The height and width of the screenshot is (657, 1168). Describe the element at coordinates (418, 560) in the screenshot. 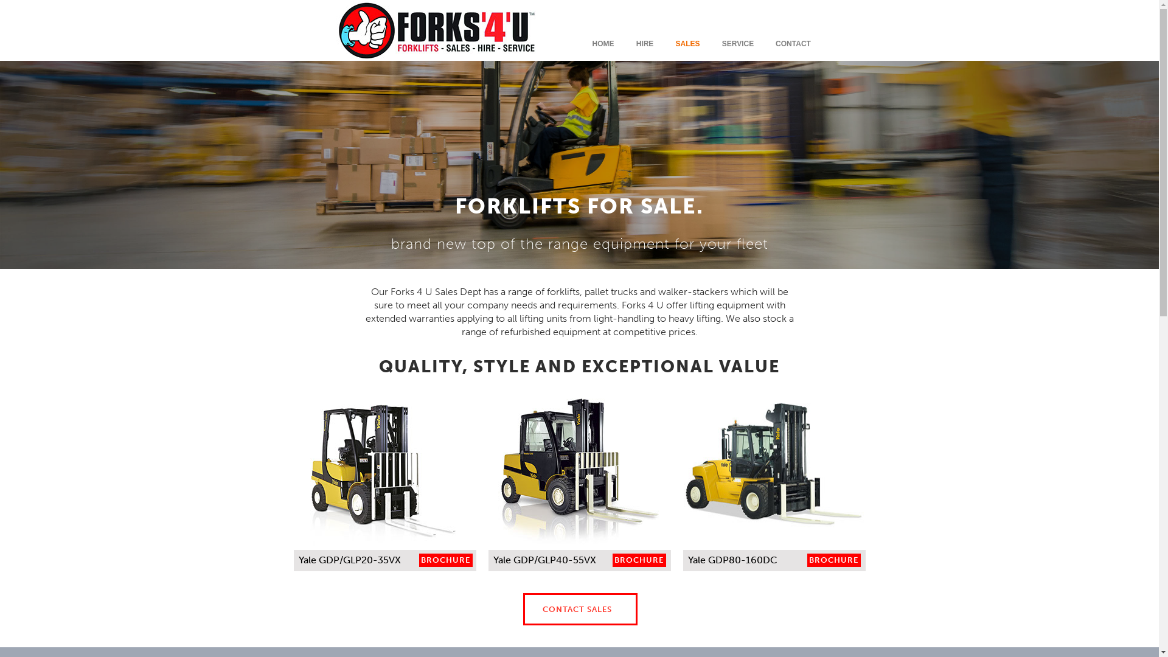

I see `'BROCHURE'` at that location.